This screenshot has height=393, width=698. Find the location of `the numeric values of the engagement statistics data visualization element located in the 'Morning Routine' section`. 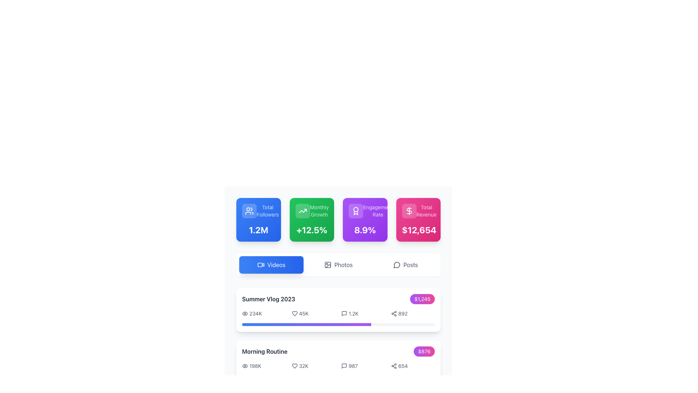

the numeric values of the engagement statistics data visualization element located in the 'Morning Routine' section is located at coordinates (338, 366).